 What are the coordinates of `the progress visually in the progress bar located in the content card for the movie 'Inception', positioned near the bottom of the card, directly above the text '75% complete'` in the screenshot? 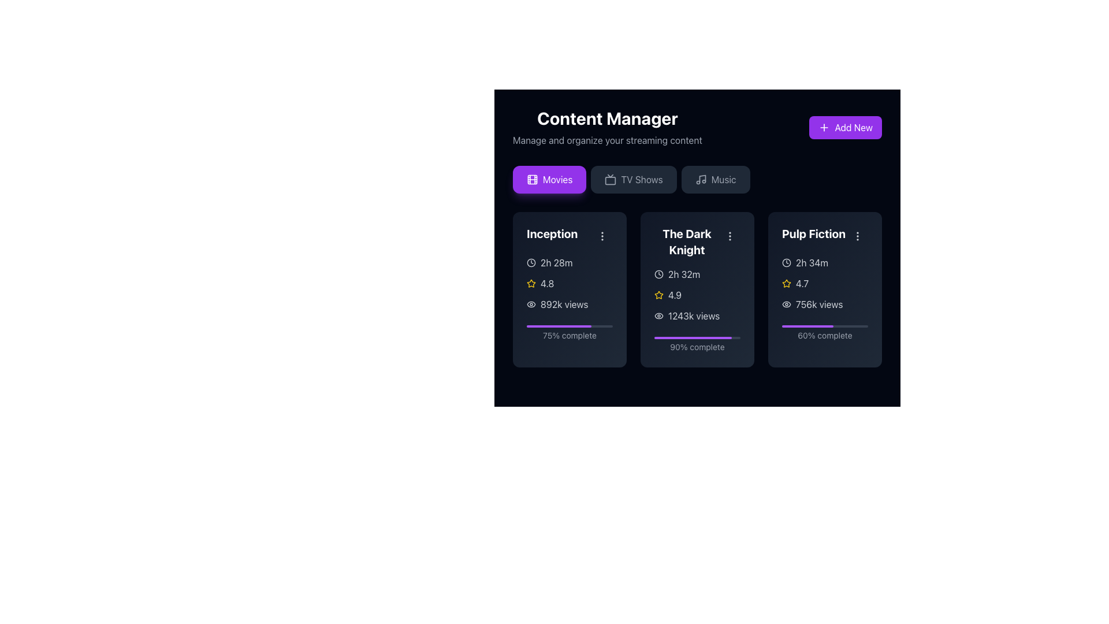 It's located at (570, 326).